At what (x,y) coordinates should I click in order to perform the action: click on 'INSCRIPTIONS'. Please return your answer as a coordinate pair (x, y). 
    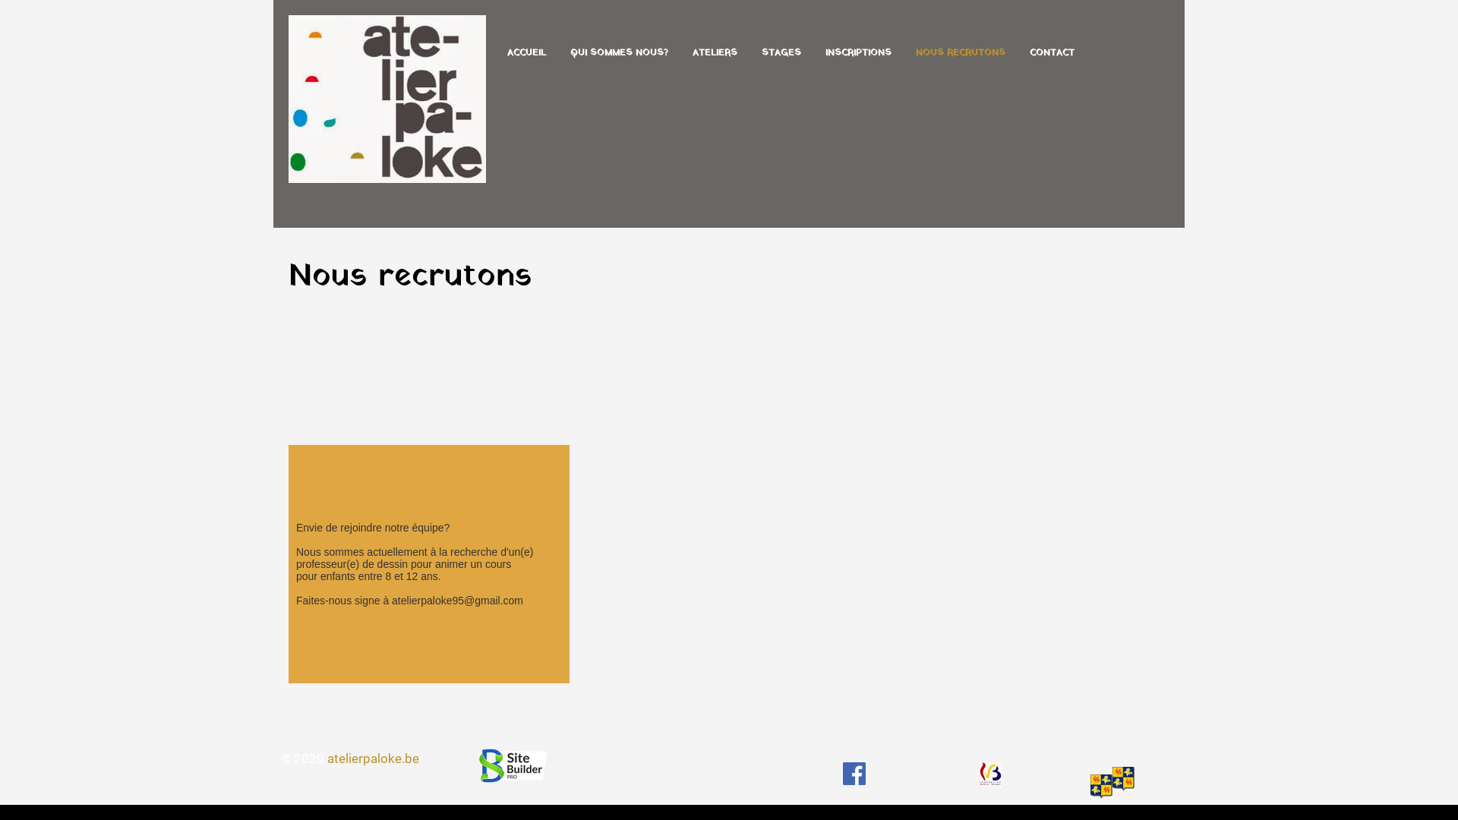
    Looking at the image, I should click on (858, 54).